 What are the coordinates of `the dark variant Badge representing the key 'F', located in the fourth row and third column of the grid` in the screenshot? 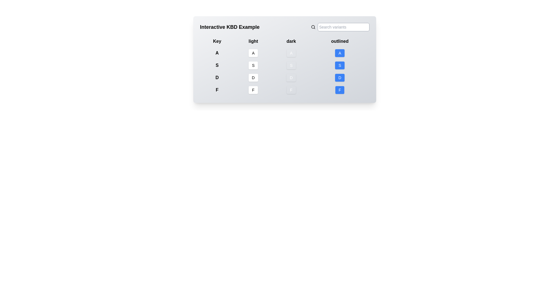 It's located at (291, 89).